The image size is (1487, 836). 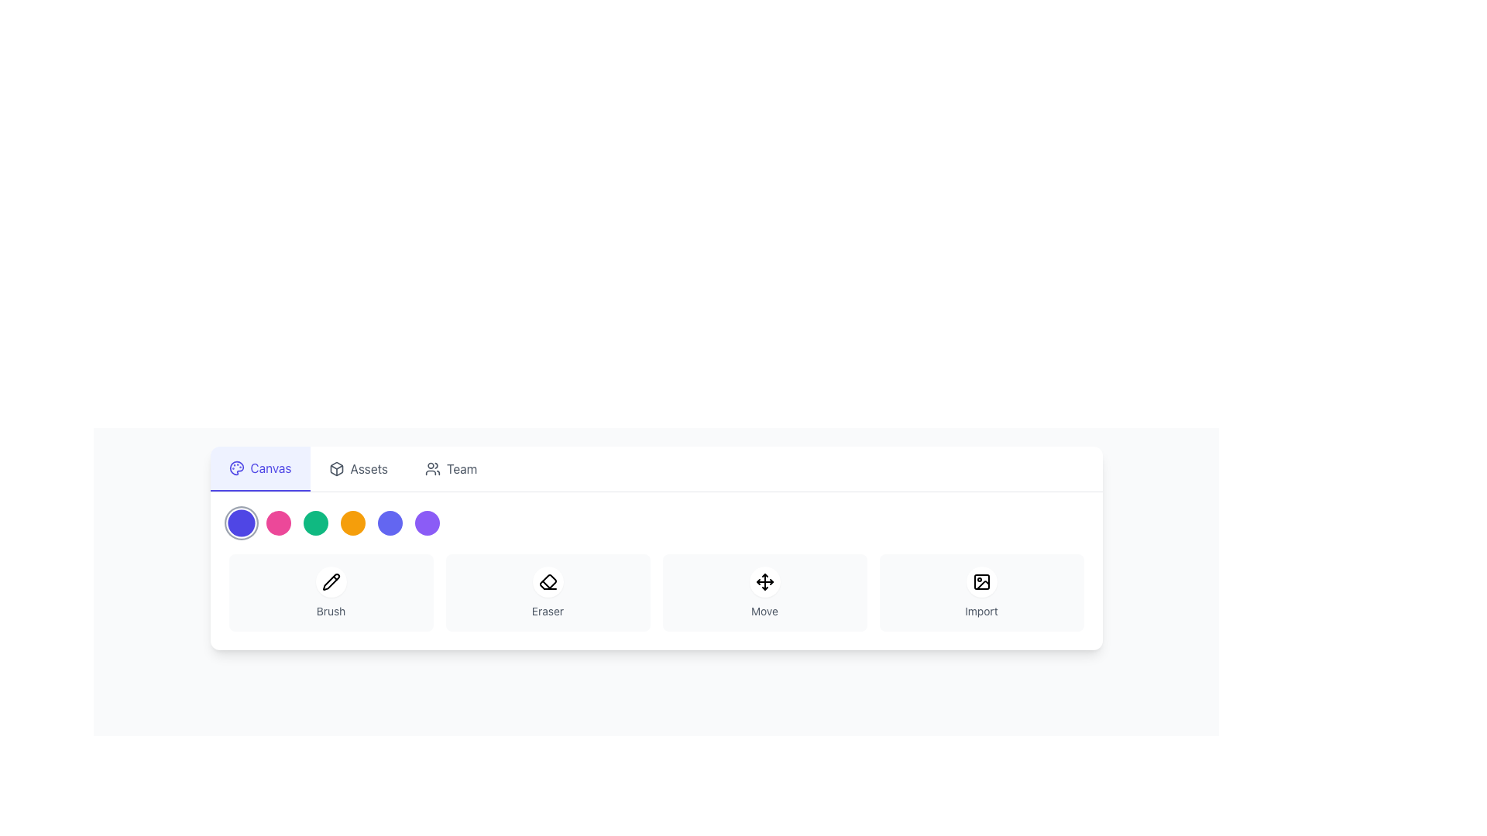 What do you see at coordinates (278, 522) in the screenshot?
I see `the second button in the horizontal sequence, located between a blue button and a green button` at bounding box center [278, 522].